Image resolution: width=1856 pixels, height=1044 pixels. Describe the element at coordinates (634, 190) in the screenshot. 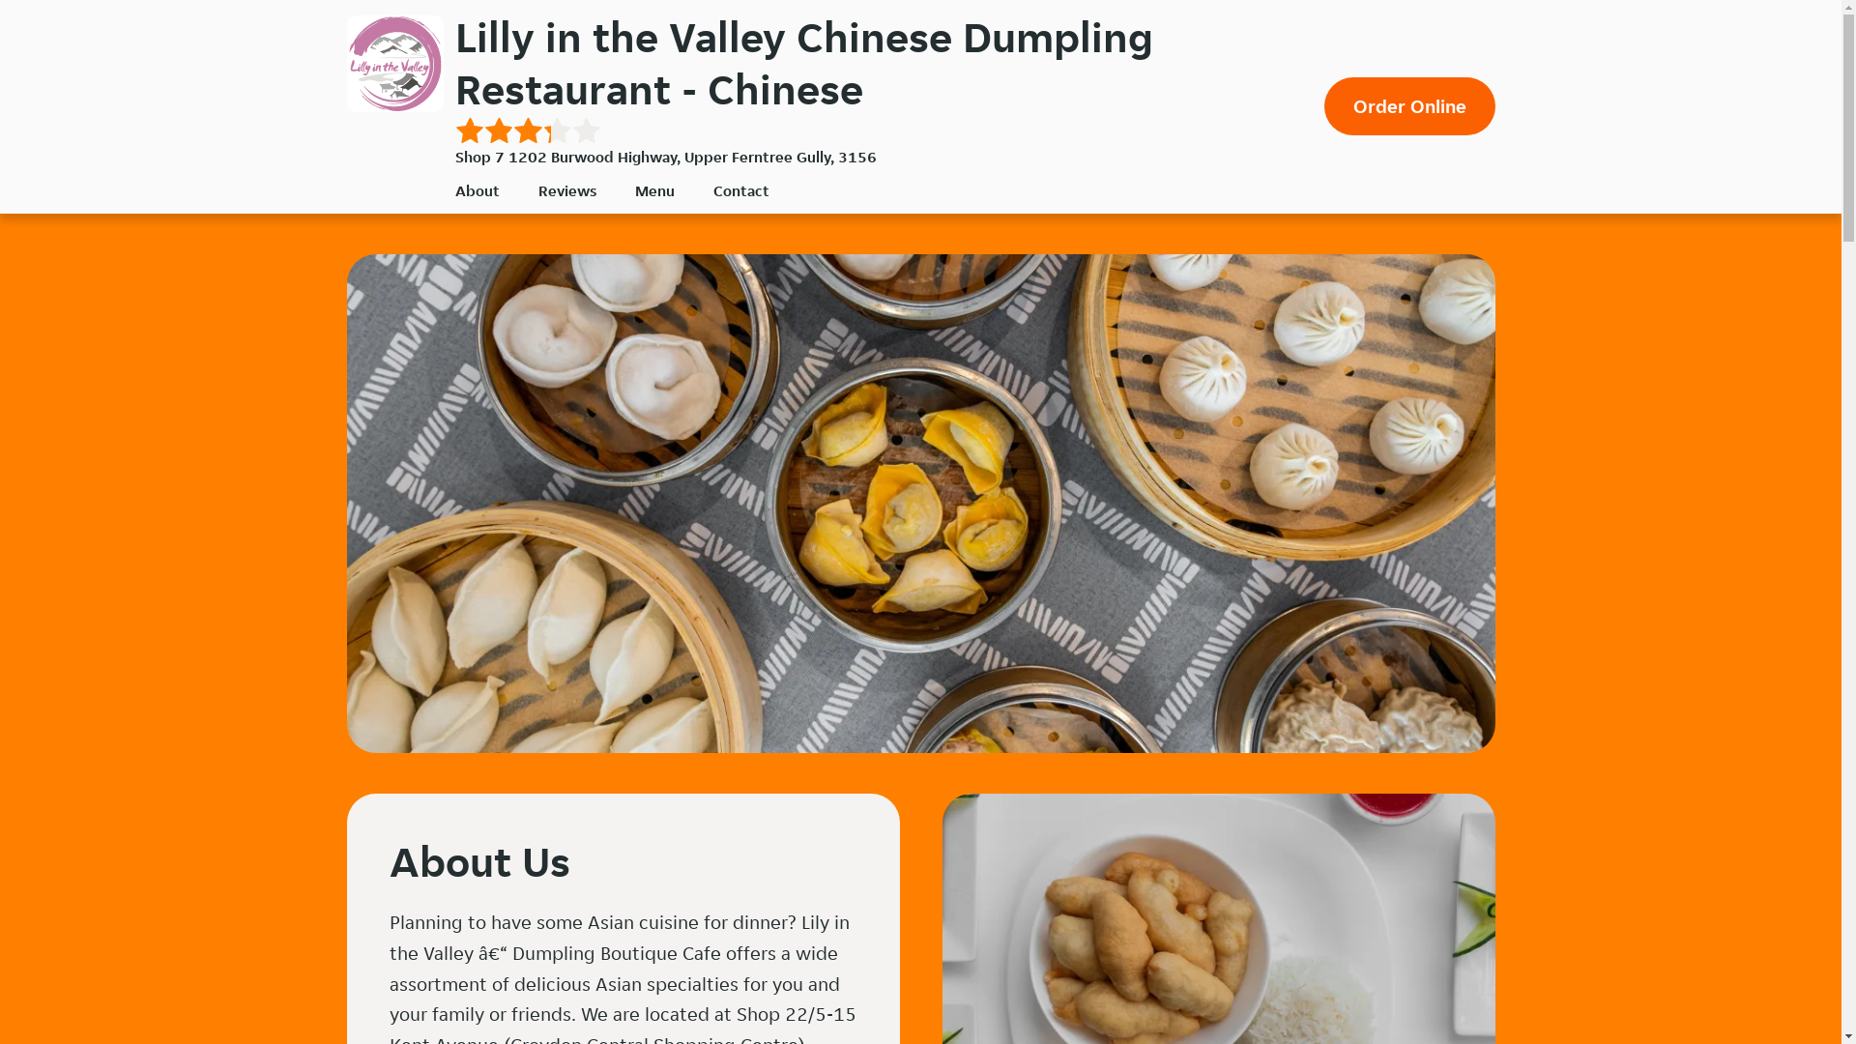

I see `'Menu'` at that location.